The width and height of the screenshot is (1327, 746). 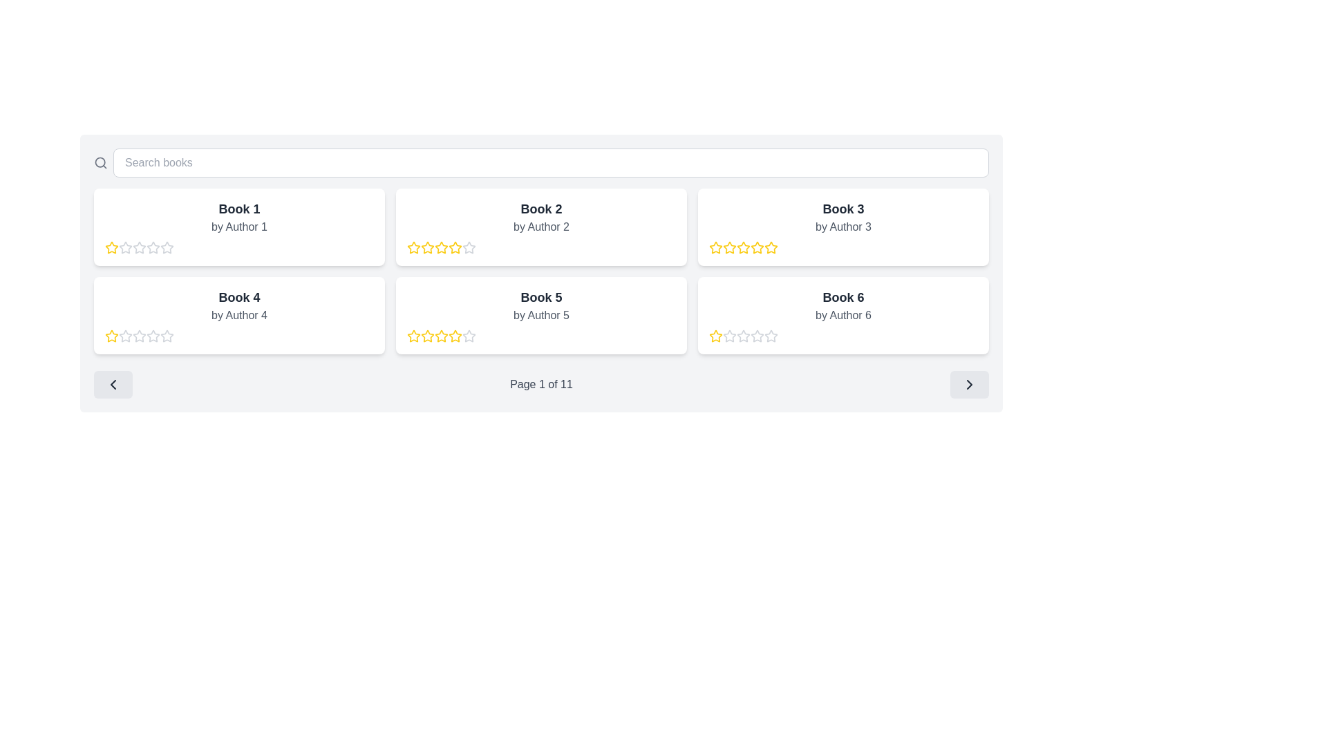 What do you see at coordinates (716, 336) in the screenshot?
I see `the first rating star icon with a yellow outline in the rating section of the card for 'Book 6' by 'Author 6'` at bounding box center [716, 336].